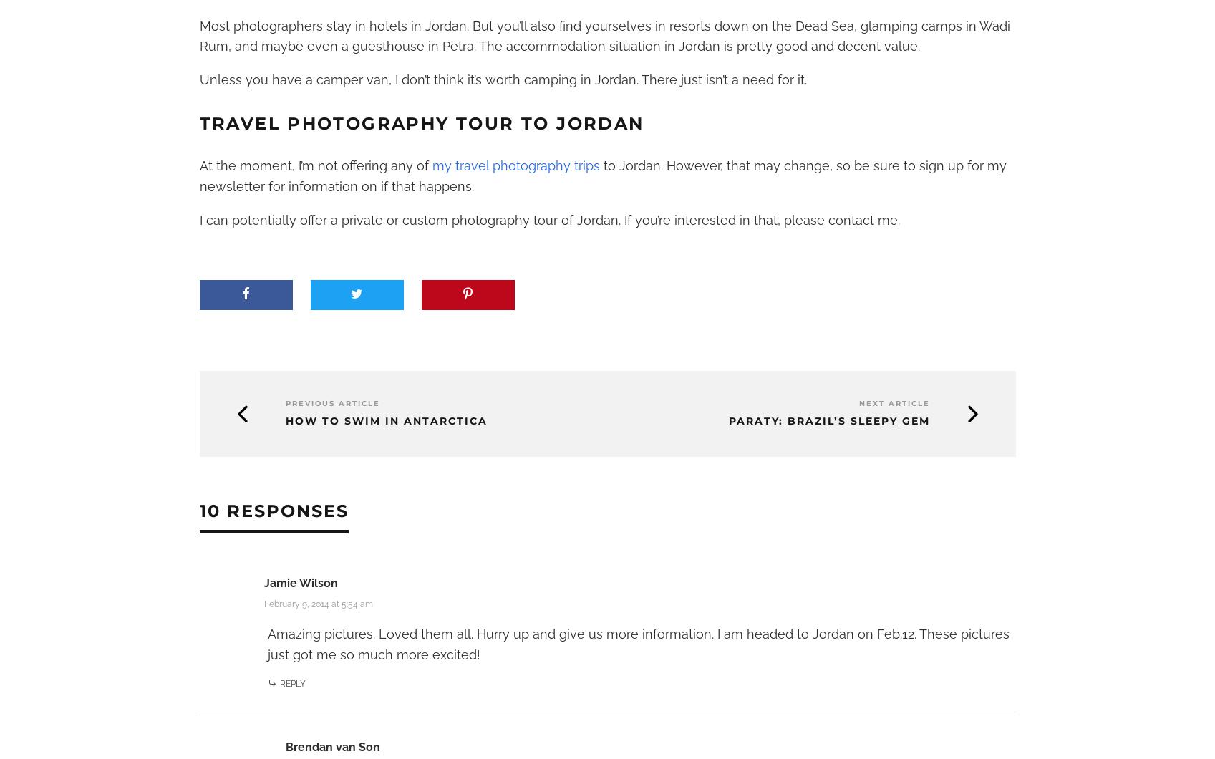 This screenshot has height=759, width=1215. What do you see at coordinates (515, 165) in the screenshot?
I see `'my travel photography trips'` at bounding box center [515, 165].